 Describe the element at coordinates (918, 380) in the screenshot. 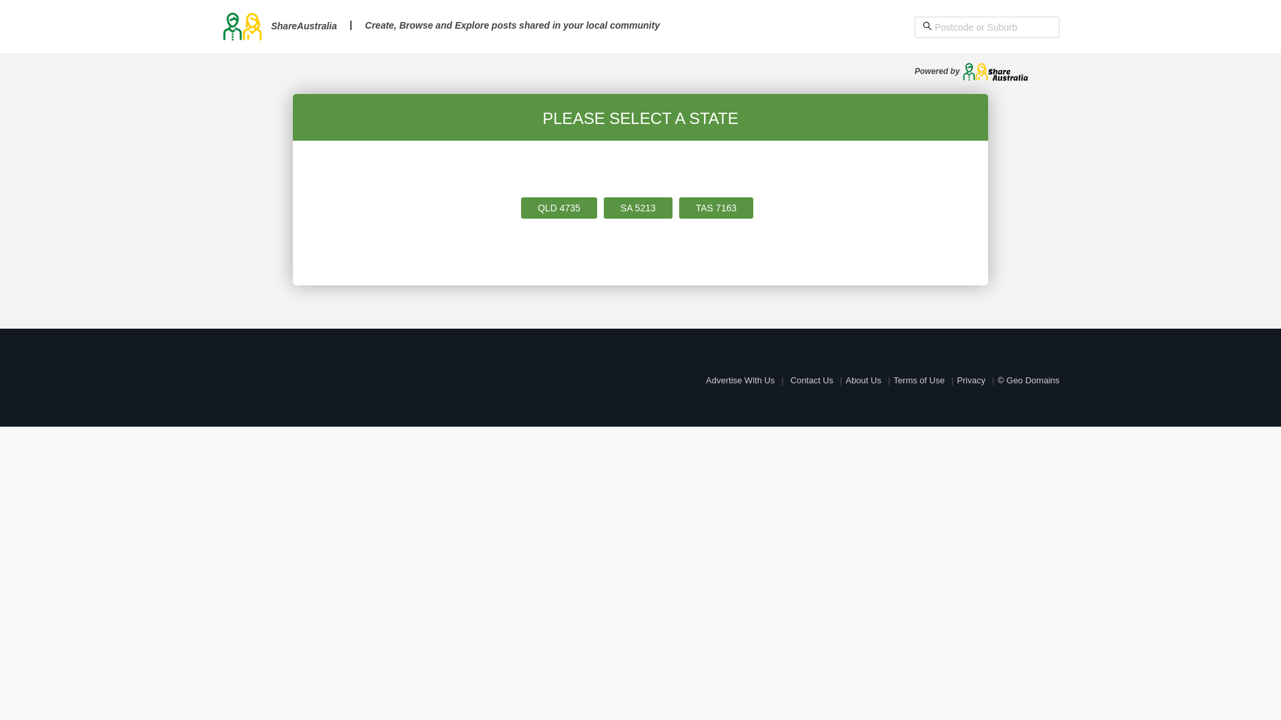

I see `'Terms of Use'` at that location.